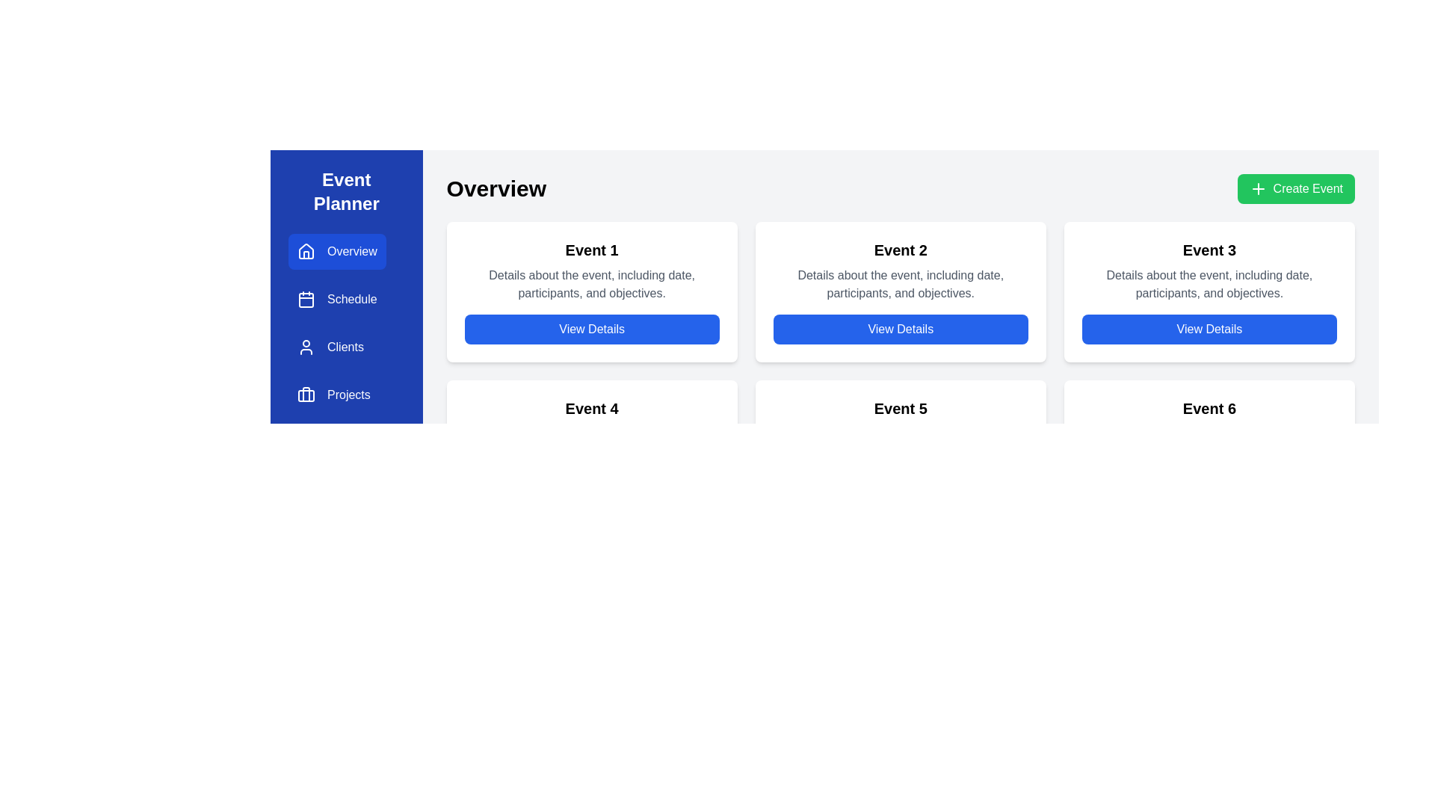  What do you see at coordinates (1209, 328) in the screenshot?
I see `the button located at the bottom of the 'Event 3' card to observe the hover effect` at bounding box center [1209, 328].